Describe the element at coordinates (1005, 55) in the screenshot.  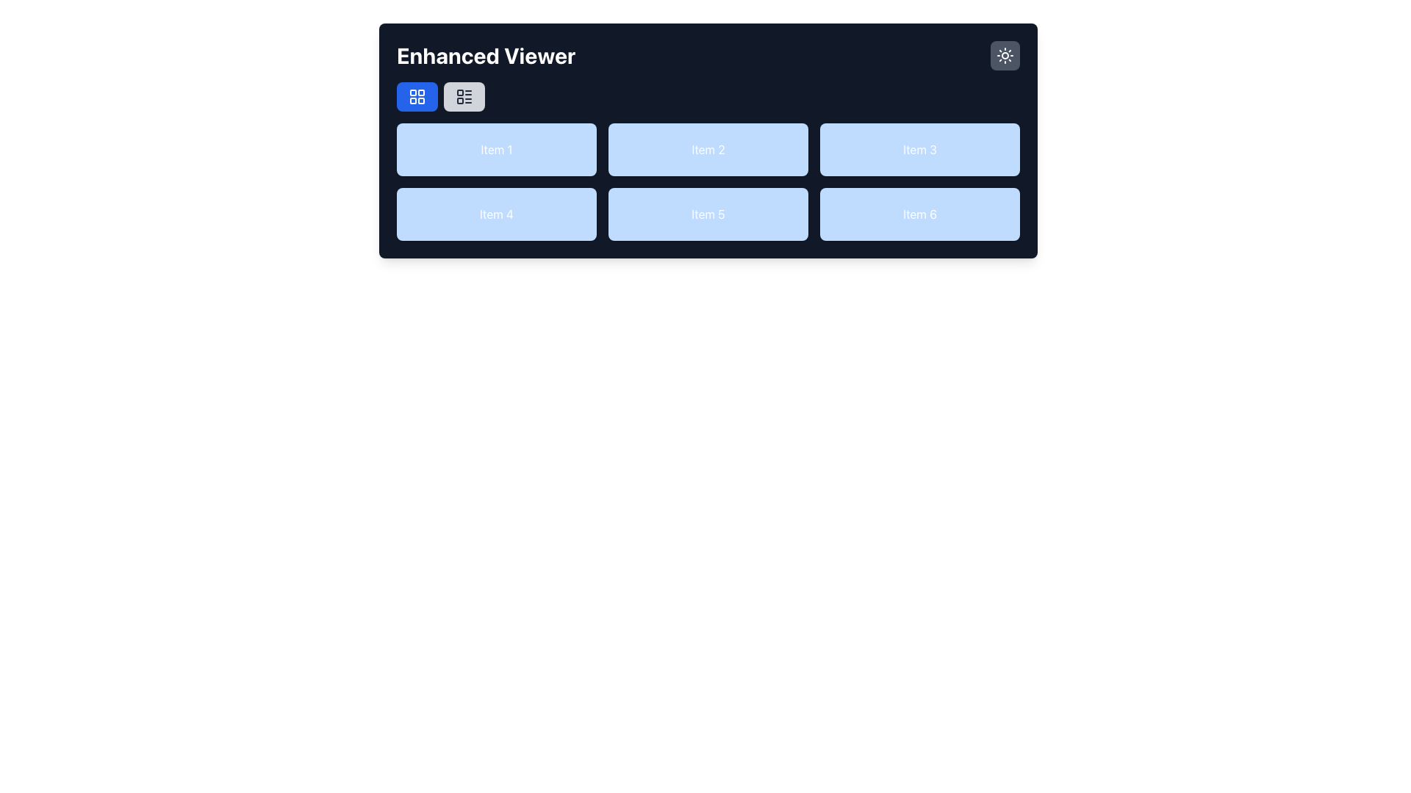
I see `the square-shaped button with a sun-like icon in the top-right corner adjacent to 'Enhanced Viewer'` at that location.